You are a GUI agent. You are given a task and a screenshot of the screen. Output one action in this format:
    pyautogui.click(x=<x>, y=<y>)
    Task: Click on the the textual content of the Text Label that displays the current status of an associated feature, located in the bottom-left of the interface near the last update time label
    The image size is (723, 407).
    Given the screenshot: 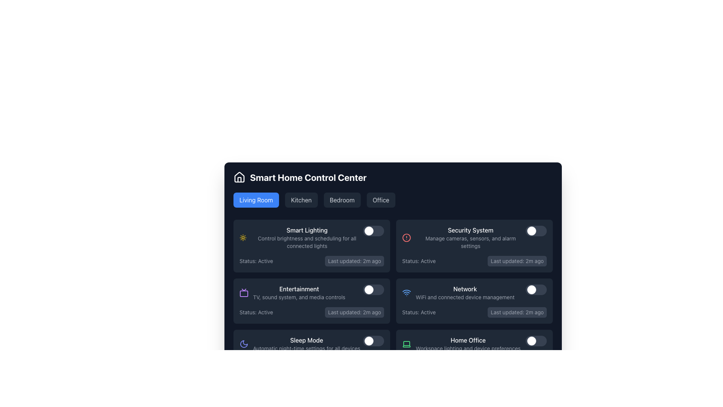 What is the action you would take?
    pyautogui.click(x=256, y=363)
    